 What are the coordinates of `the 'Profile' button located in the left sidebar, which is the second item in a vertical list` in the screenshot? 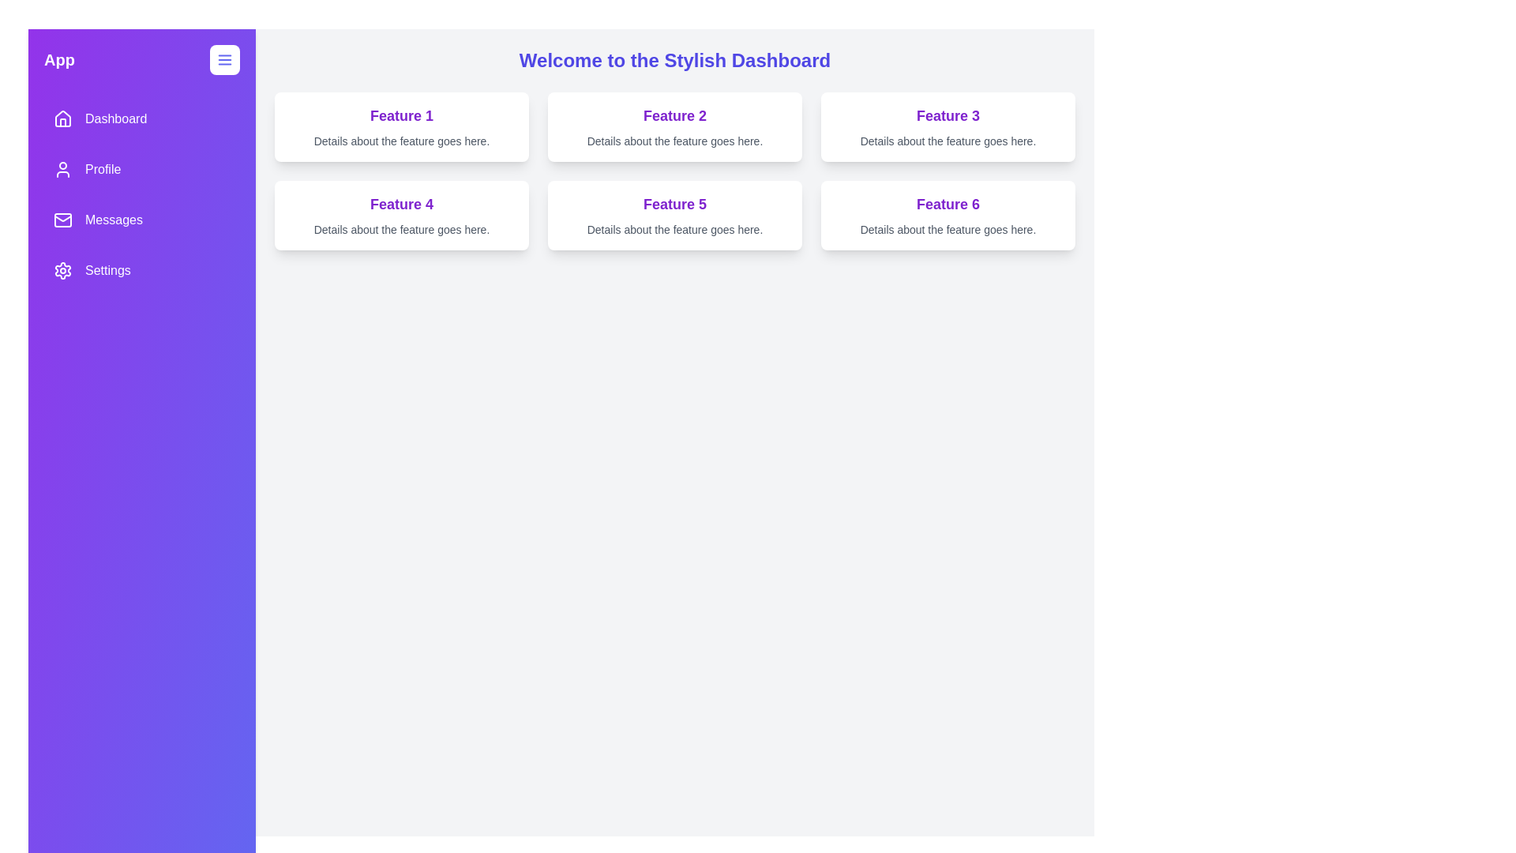 It's located at (142, 170).